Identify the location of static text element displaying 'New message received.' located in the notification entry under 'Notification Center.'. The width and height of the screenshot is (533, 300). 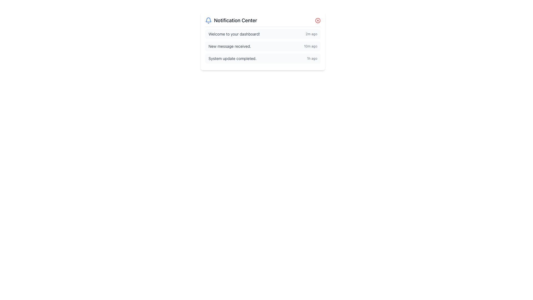
(230, 46).